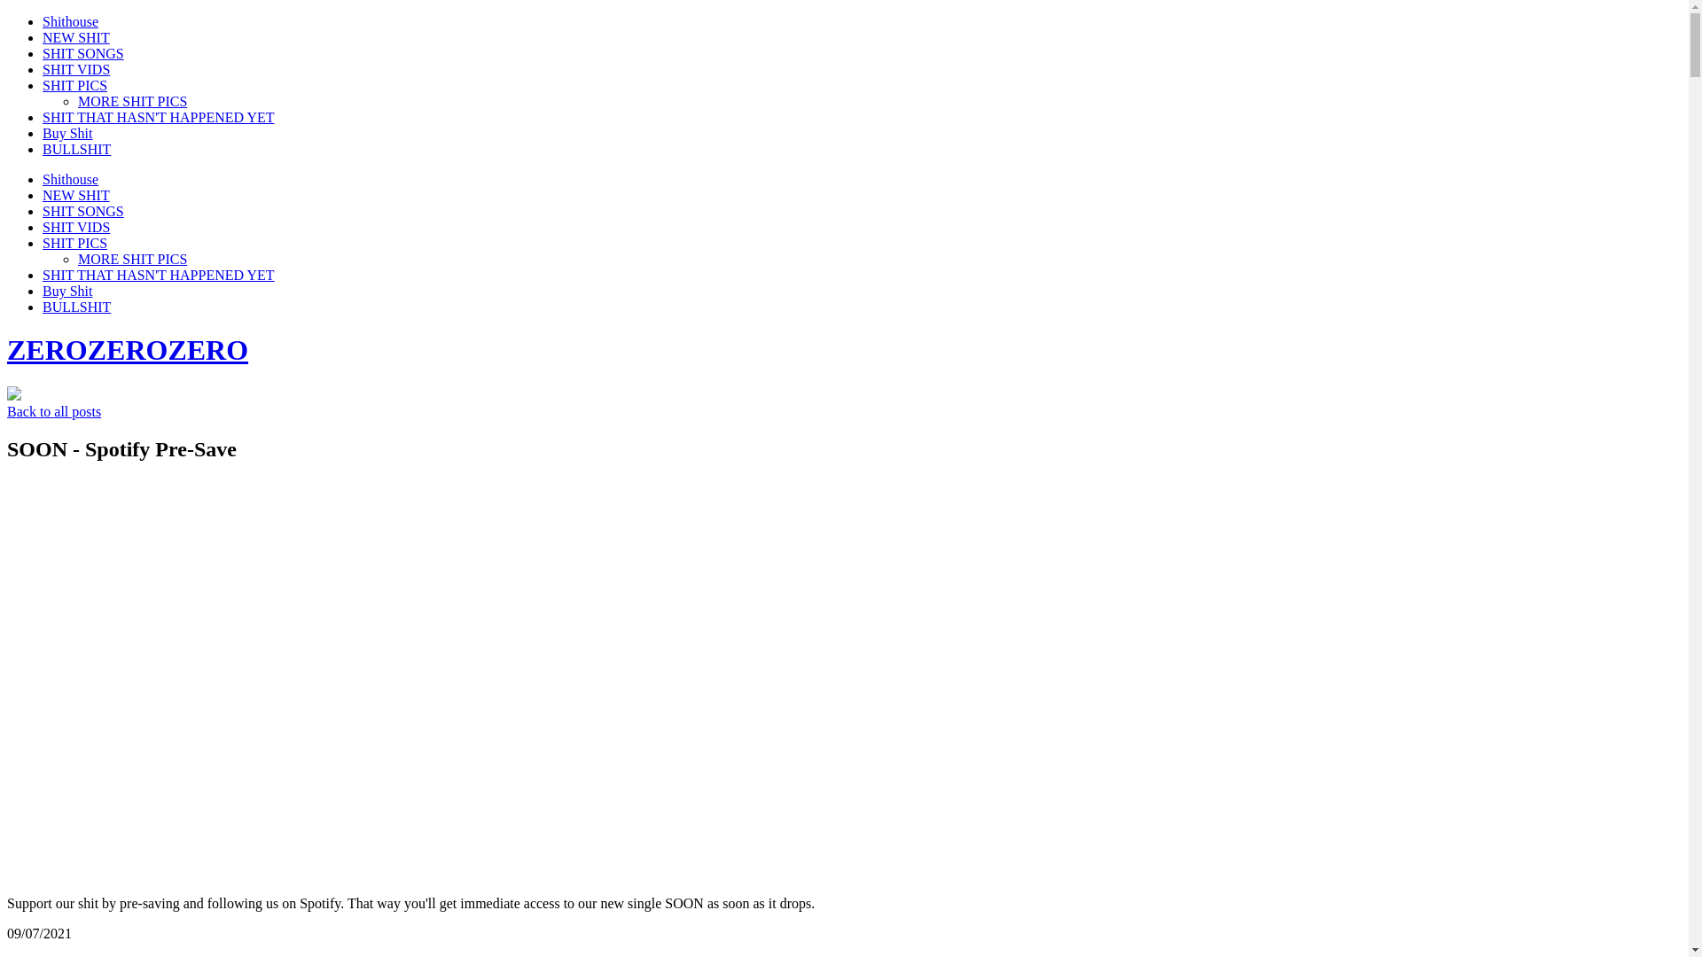 This screenshot has width=1702, height=957. Describe the element at coordinates (54, 411) in the screenshot. I see `'Back to all posts'` at that location.